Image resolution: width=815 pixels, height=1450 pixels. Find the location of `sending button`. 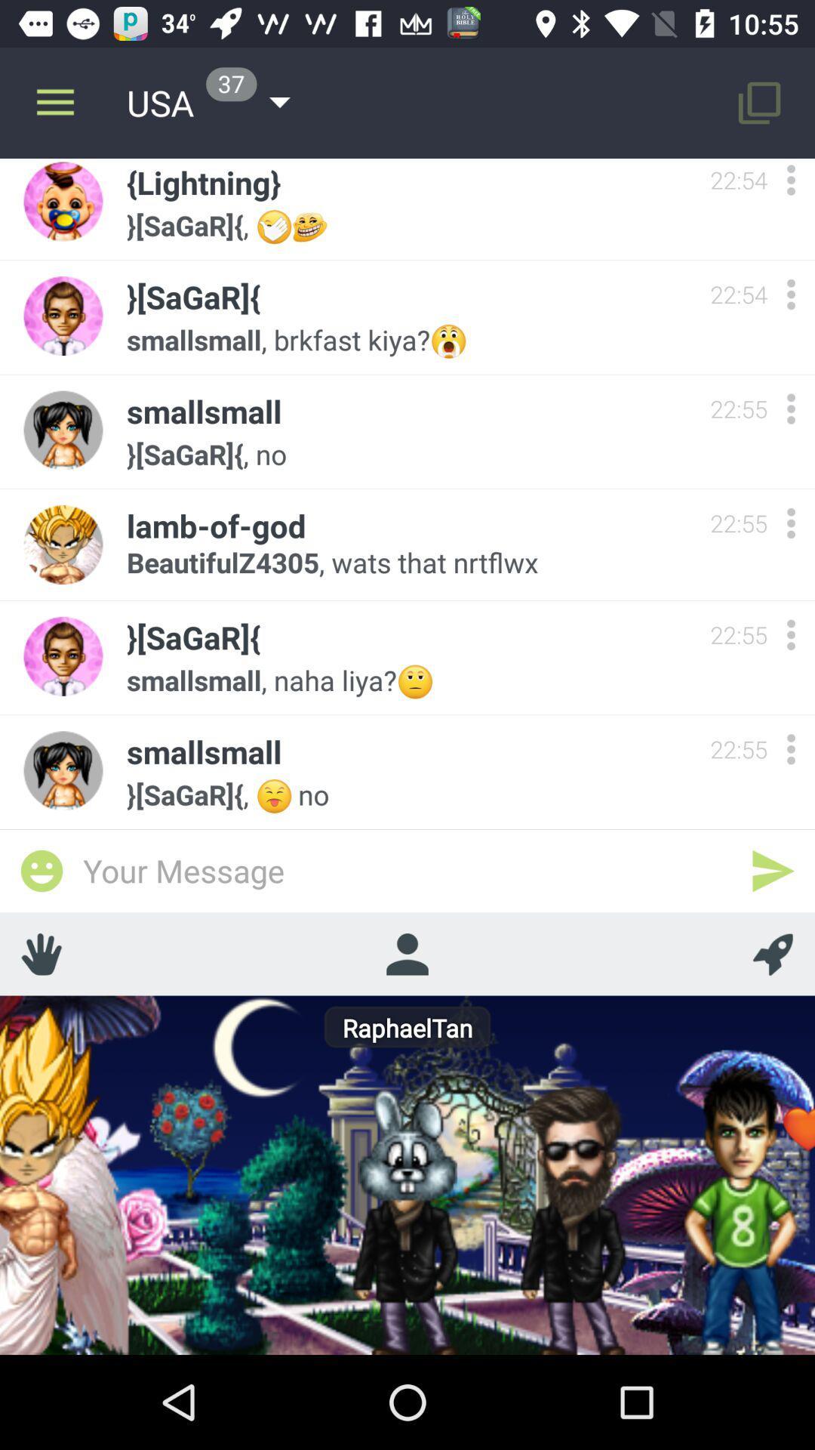

sending button is located at coordinates (773, 871).